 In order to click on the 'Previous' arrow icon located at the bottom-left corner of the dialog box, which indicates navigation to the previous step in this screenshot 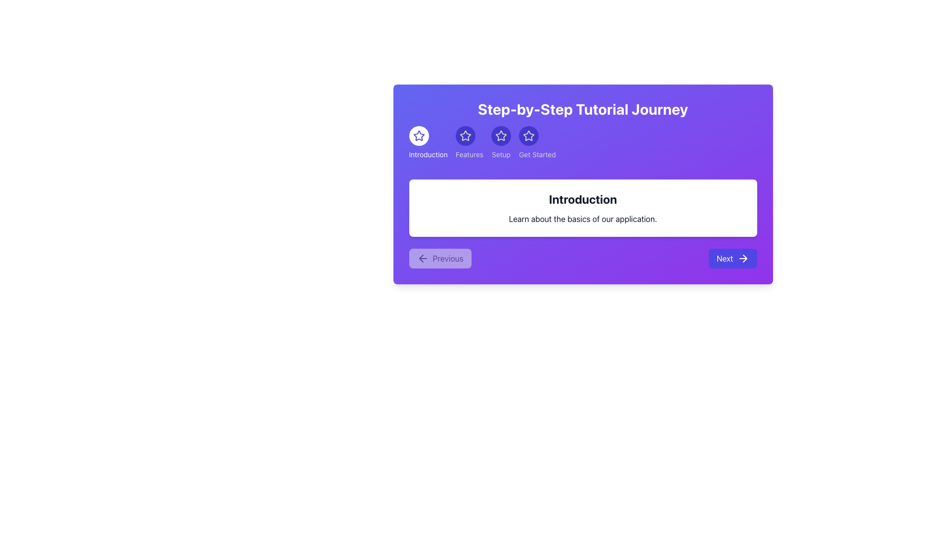, I will do `click(423, 258)`.